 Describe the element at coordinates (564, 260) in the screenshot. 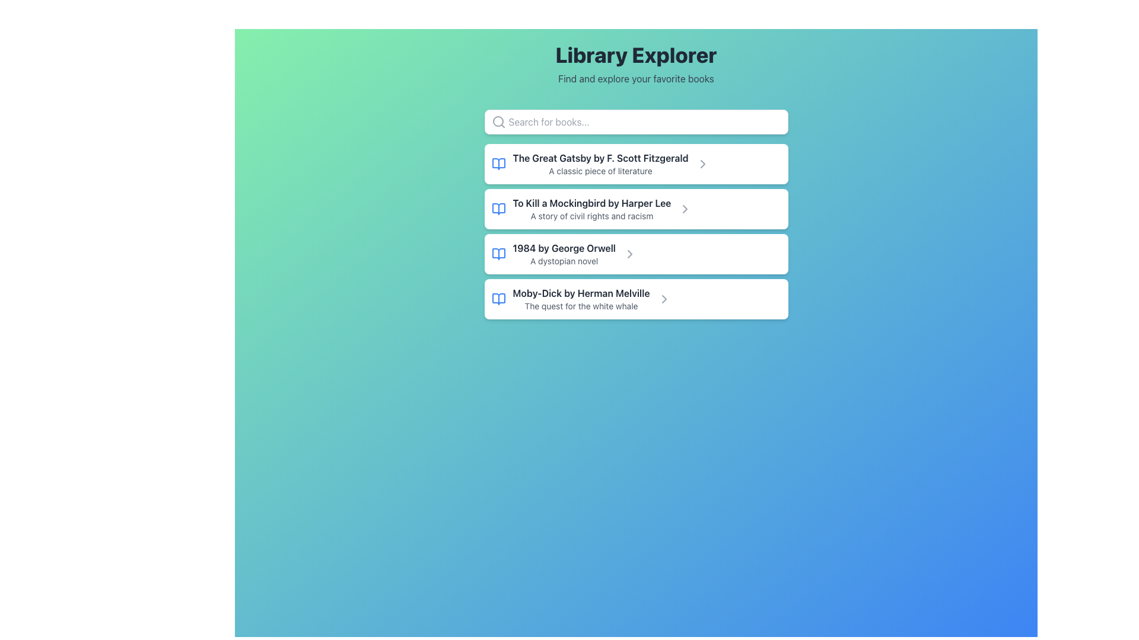

I see `the text label displaying 'A dystopian novel', which is styled in a smaller gray font and positioned below the main title '1984 by George Orwell'` at that location.